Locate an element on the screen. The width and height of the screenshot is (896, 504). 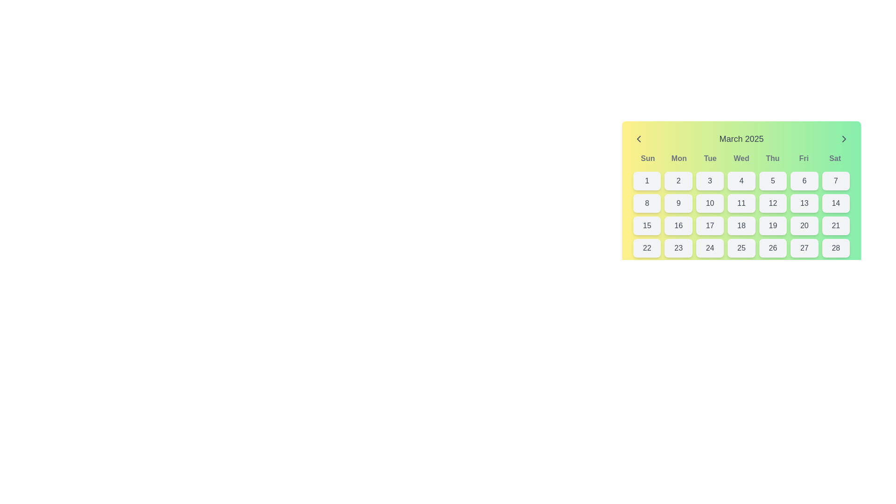
the text element that displays the currently selected month and year is located at coordinates (741, 139).